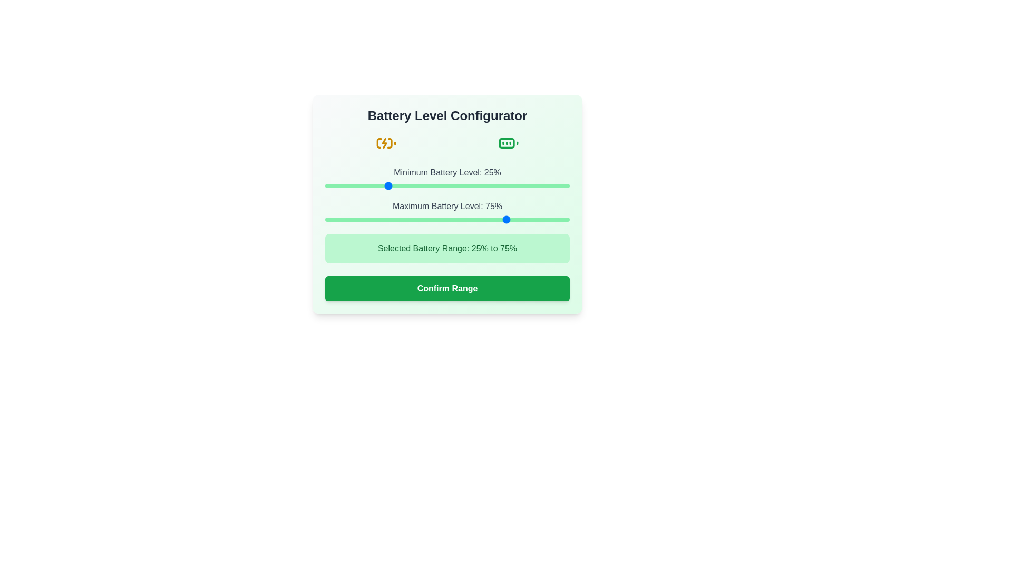 This screenshot has width=1012, height=569. Describe the element at coordinates (507, 143) in the screenshot. I see `the graphical representation of the central green rounded rectangle within the battery icon, which is located on the right side near the top of the interface` at that location.